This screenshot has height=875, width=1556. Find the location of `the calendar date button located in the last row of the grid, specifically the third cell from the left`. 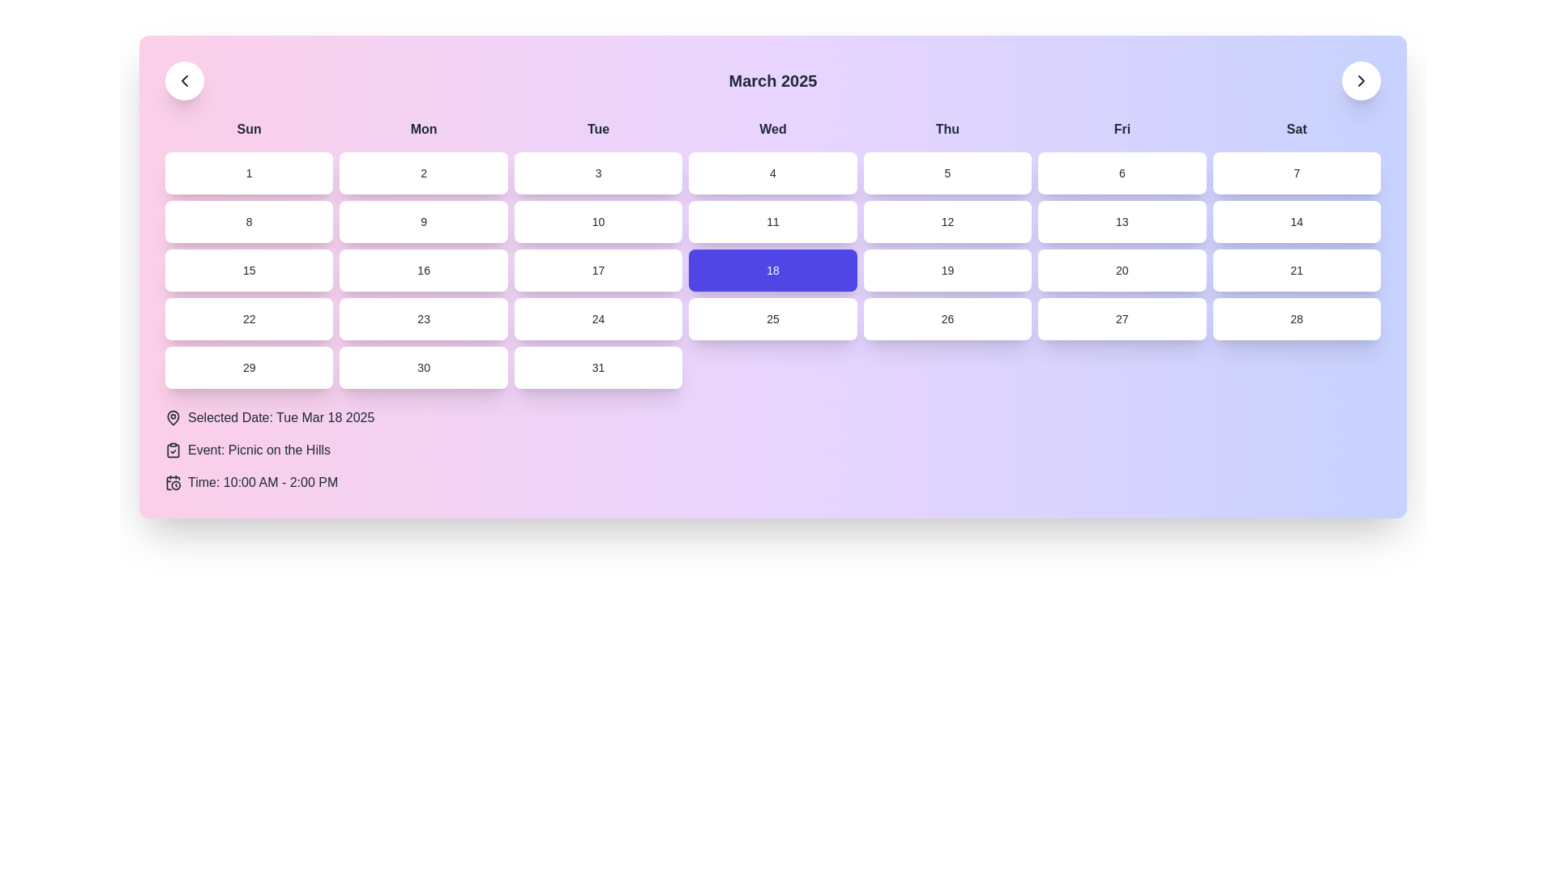

the calendar date button located in the last row of the grid, specifically the third cell from the left is located at coordinates (597, 368).